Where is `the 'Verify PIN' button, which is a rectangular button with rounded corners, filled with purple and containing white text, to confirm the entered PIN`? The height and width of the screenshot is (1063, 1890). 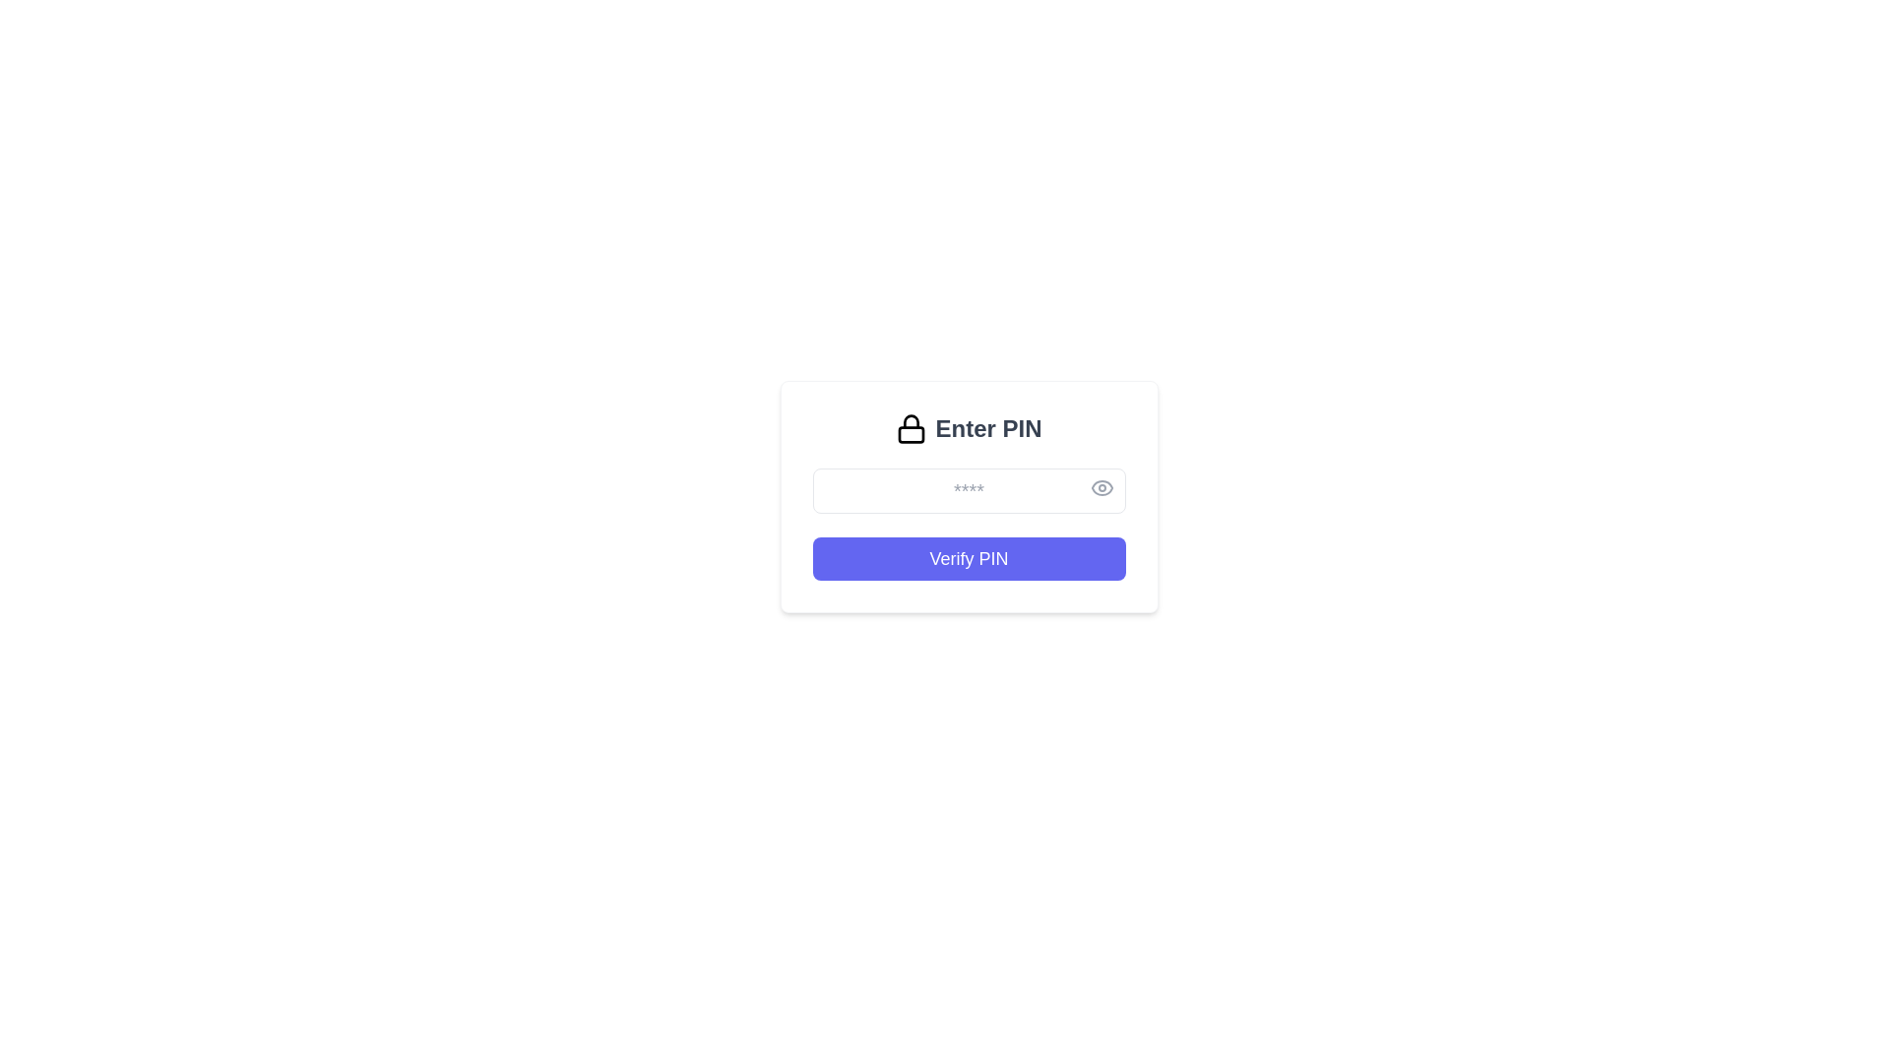
the 'Verify PIN' button, which is a rectangular button with rounded corners, filled with purple and containing white text, to confirm the entered PIN is located at coordinates (969, 558).